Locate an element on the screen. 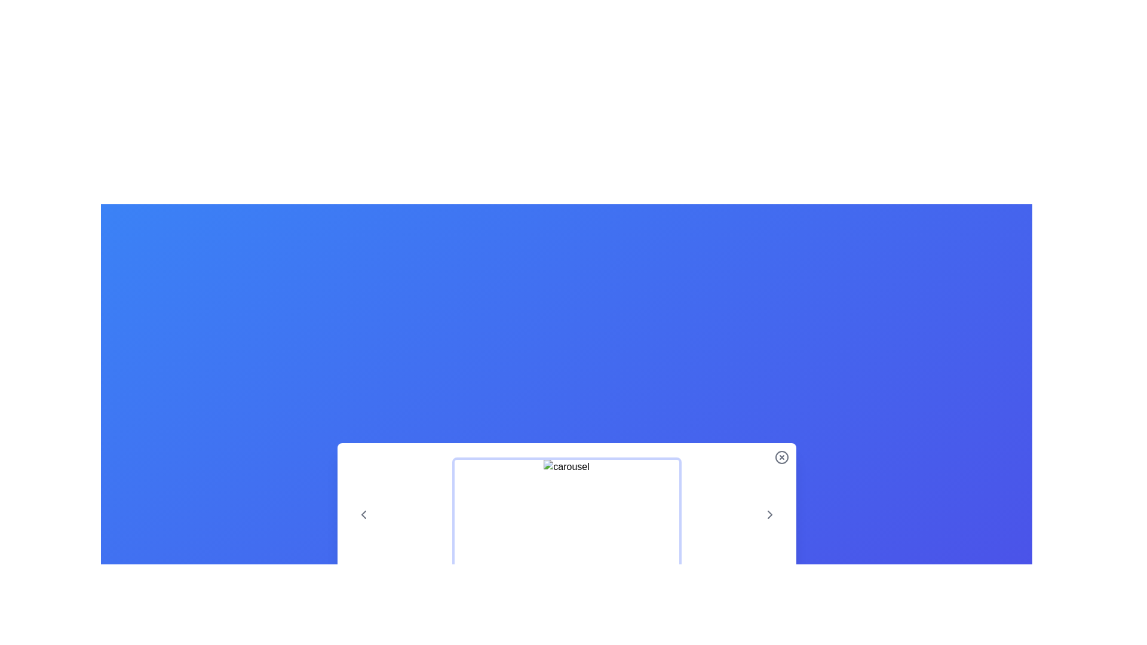 The height and width of the screenshot is (645, 1147). the left-facing chevron button located in the lower left portion of the carousel navigation interface is located at coordinates (363, 514).